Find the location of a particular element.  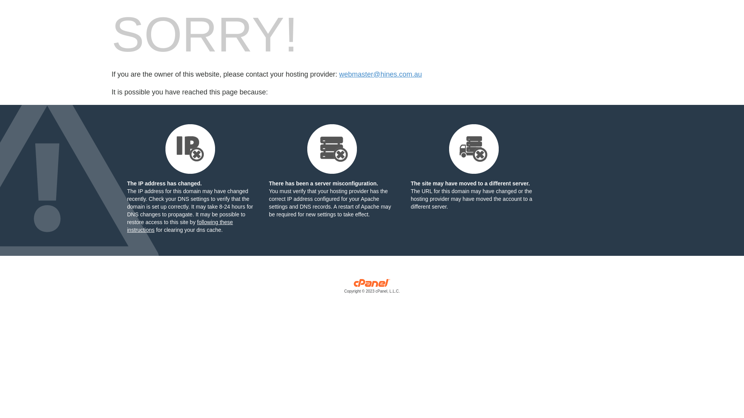

'following these instructions' is located at coordinates (179, 226).